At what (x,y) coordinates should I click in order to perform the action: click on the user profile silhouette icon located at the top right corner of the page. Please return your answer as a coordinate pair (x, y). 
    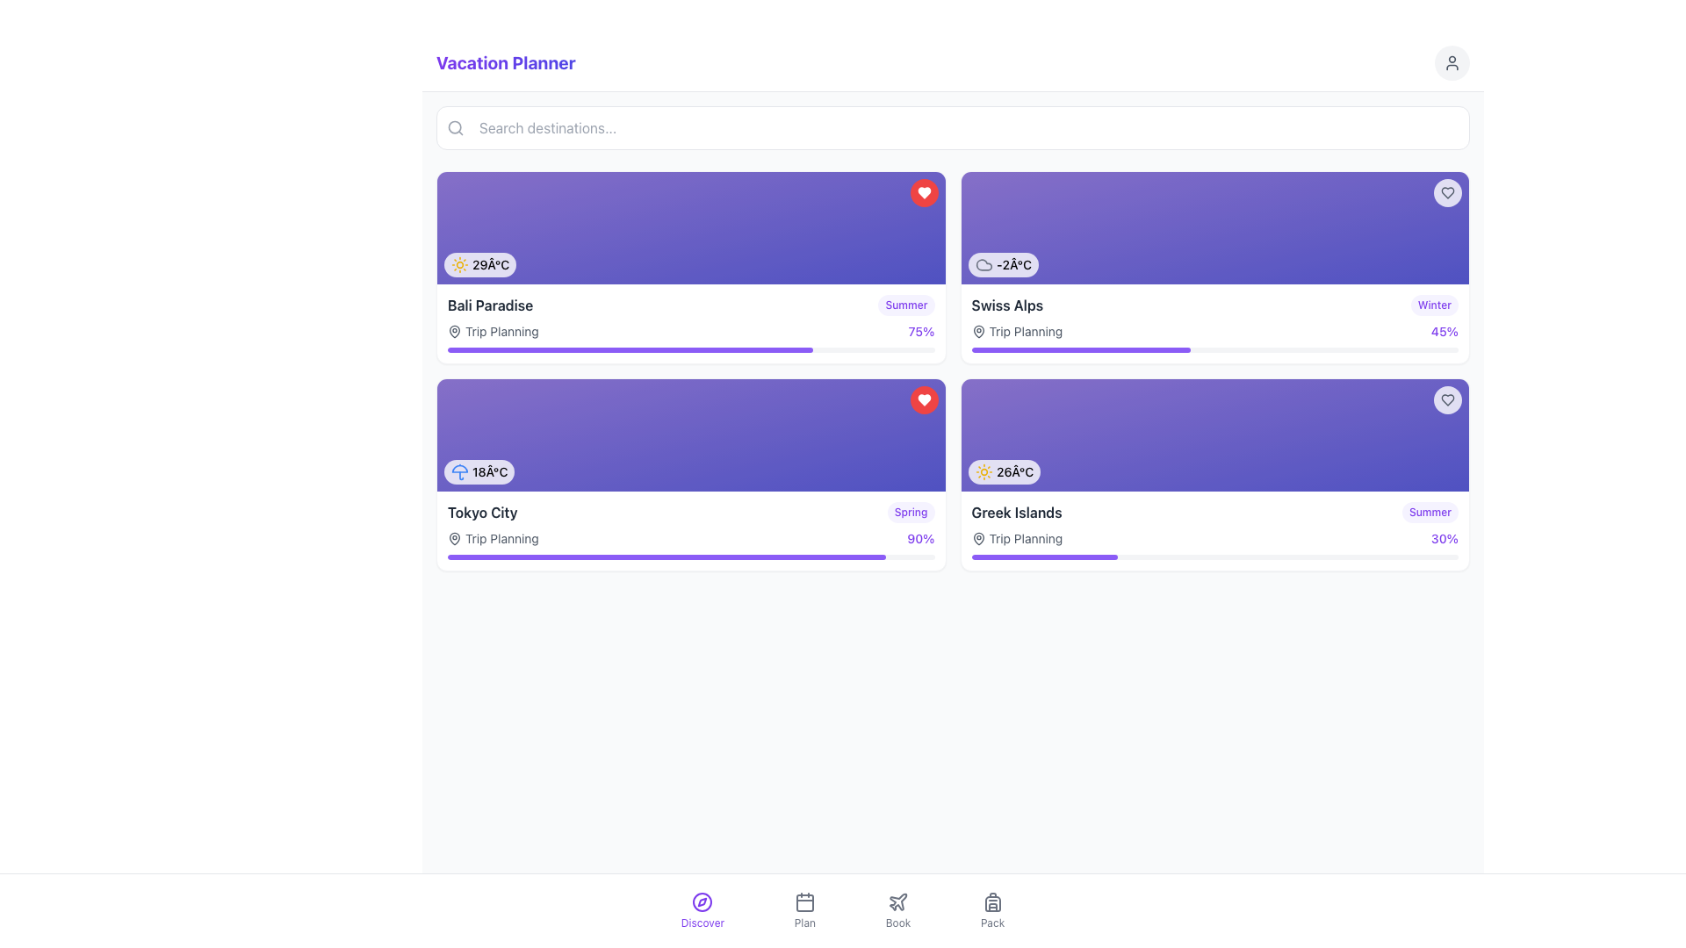
    Looking at the image, I should click on (1452, 62).